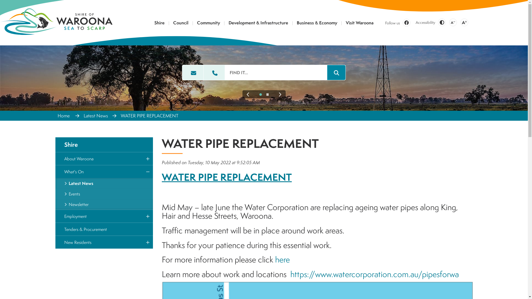 The height and width of the screenshot is (299, 532). I want to click on 'Follow us', so click(397, 22).